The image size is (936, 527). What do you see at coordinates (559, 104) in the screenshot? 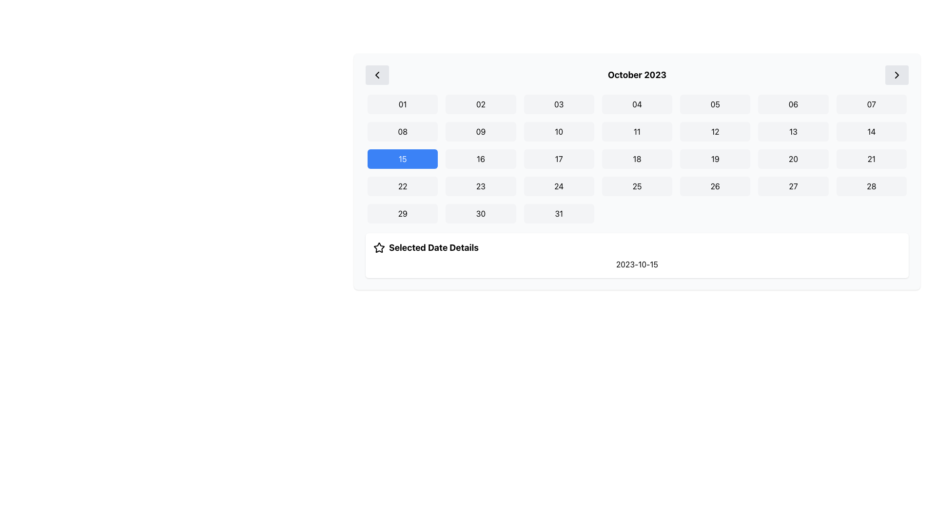
I see `the button representing the third day of October 2023 in the calendar interface` at bounding box center [559, 104].